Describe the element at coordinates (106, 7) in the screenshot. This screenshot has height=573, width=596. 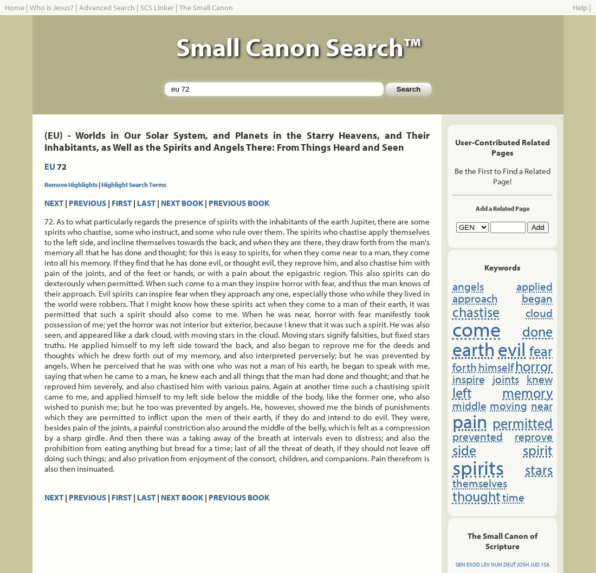
I see `'Advanced Search'` at that location.